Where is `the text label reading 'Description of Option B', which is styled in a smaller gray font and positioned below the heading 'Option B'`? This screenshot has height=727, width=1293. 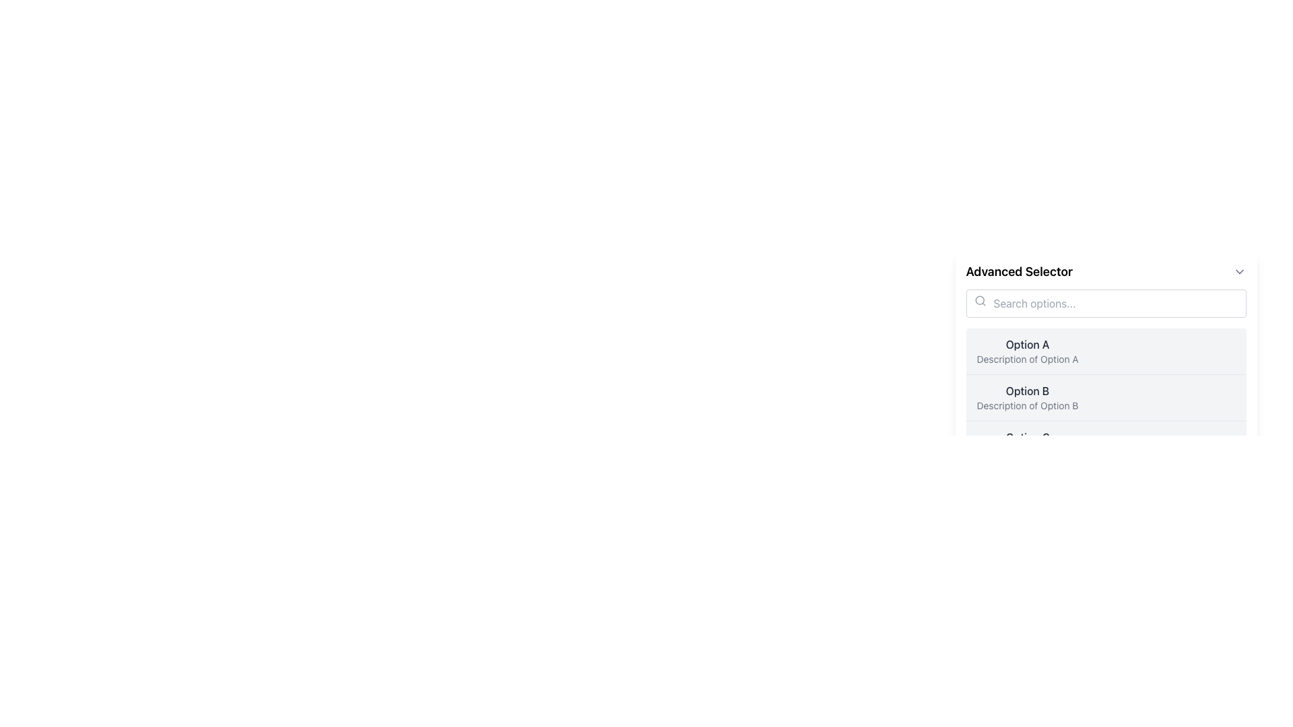
the text label reading 'Description of Option B', which is styled in a smaller gray font and positioned below the heading 'Option B' is located at coordinates (1027, 405).